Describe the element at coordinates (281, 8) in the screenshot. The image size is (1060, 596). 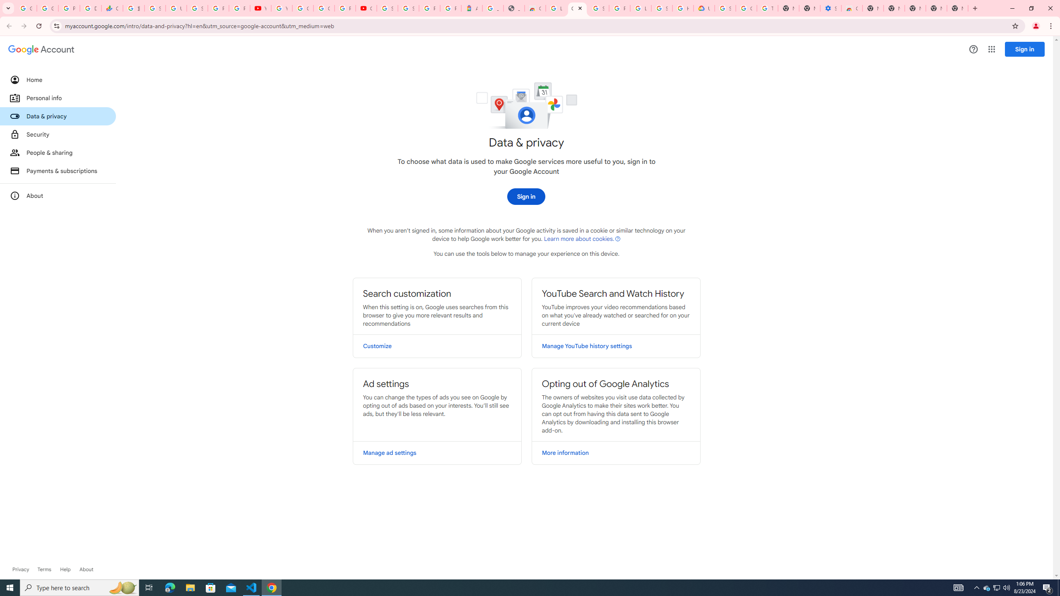
I see `'YouTube'` at that location.